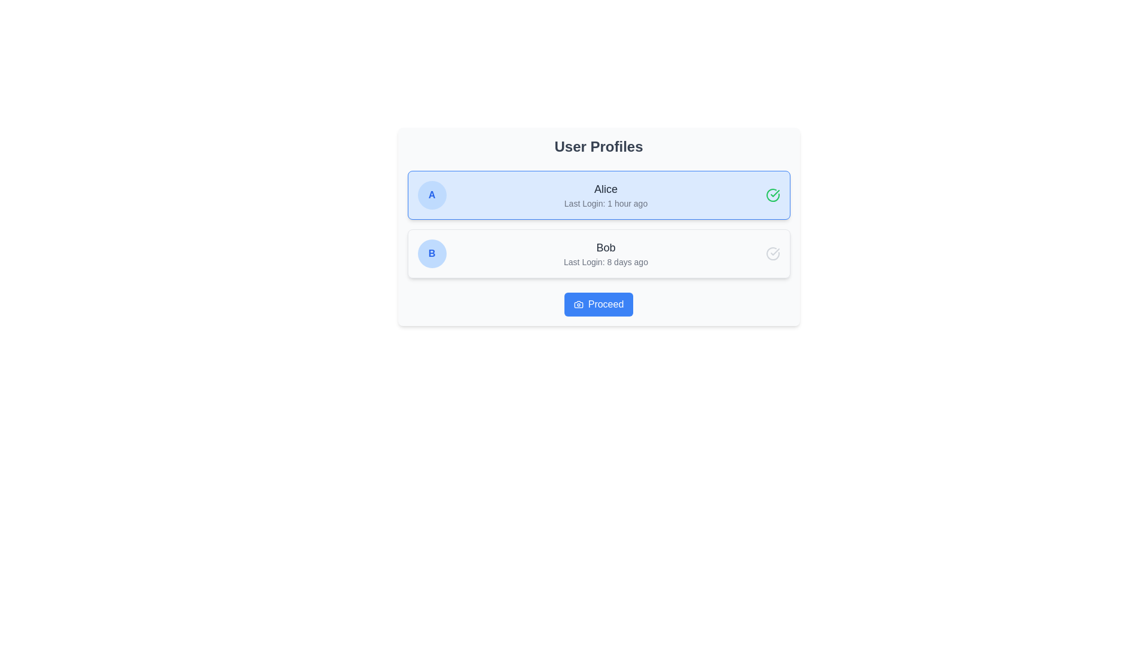  I want to click on the first user profile entry (Alice) in the Grouped list item display, so click(599, 224).